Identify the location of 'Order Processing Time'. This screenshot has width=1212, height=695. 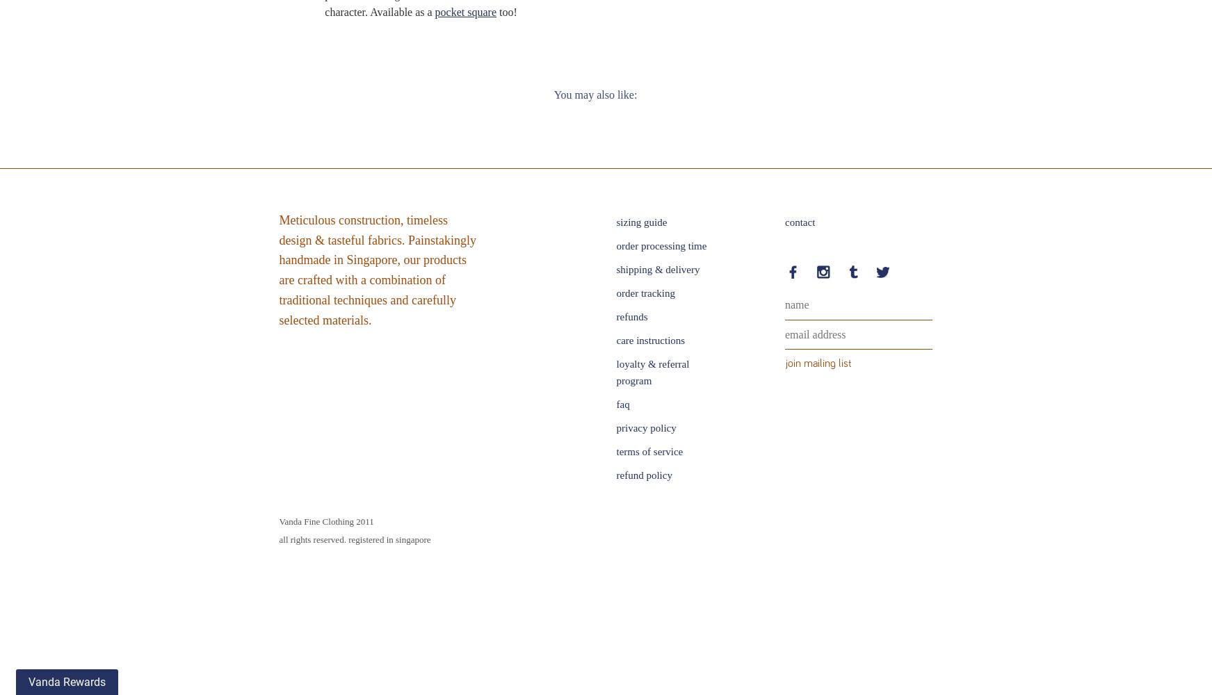
(661, 245).